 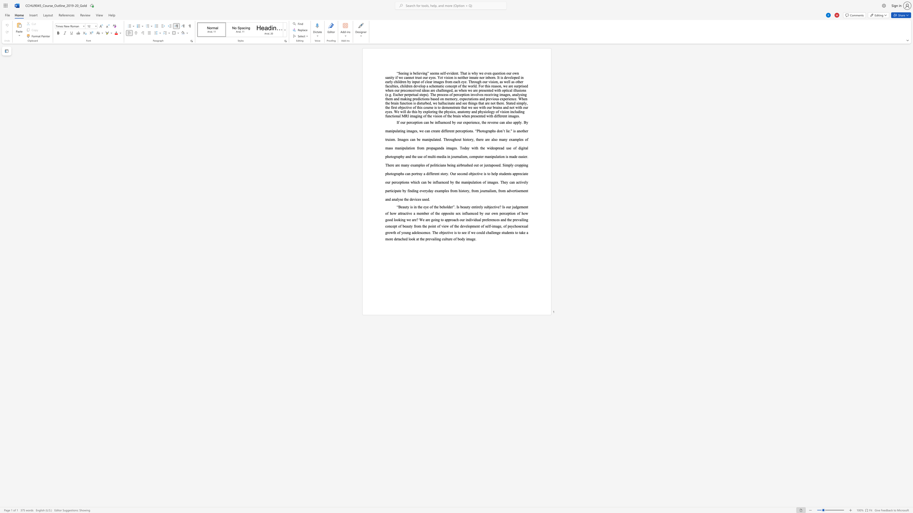 I want to click on the subset text "reciate our perceptions which can be in" within the text "osed. Simply cropping photographs can portray a different story. Our second objective is to help students appreciate our perceptions which can be influenced by the manipulation of images. They can actively participate by finding everyday examples from history, from journalism, from advertisement and analyse the devices used.", so click(x=517, y=173).